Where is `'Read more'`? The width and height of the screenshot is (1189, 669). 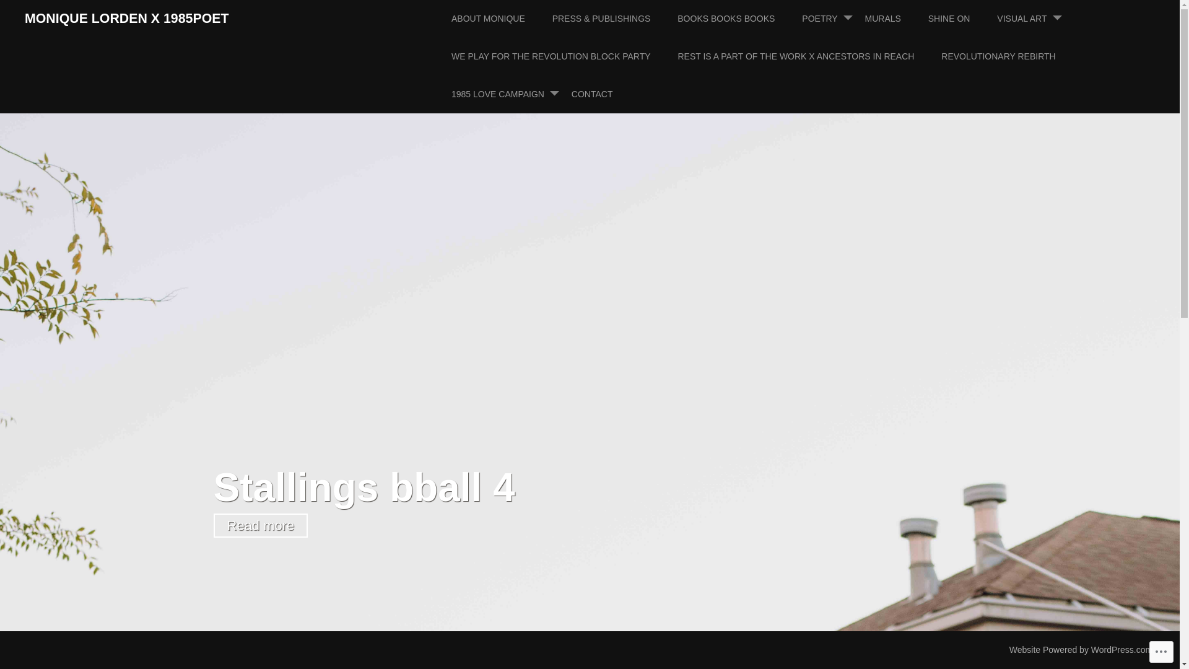 'Read more' is located at coordinates (259, 525).